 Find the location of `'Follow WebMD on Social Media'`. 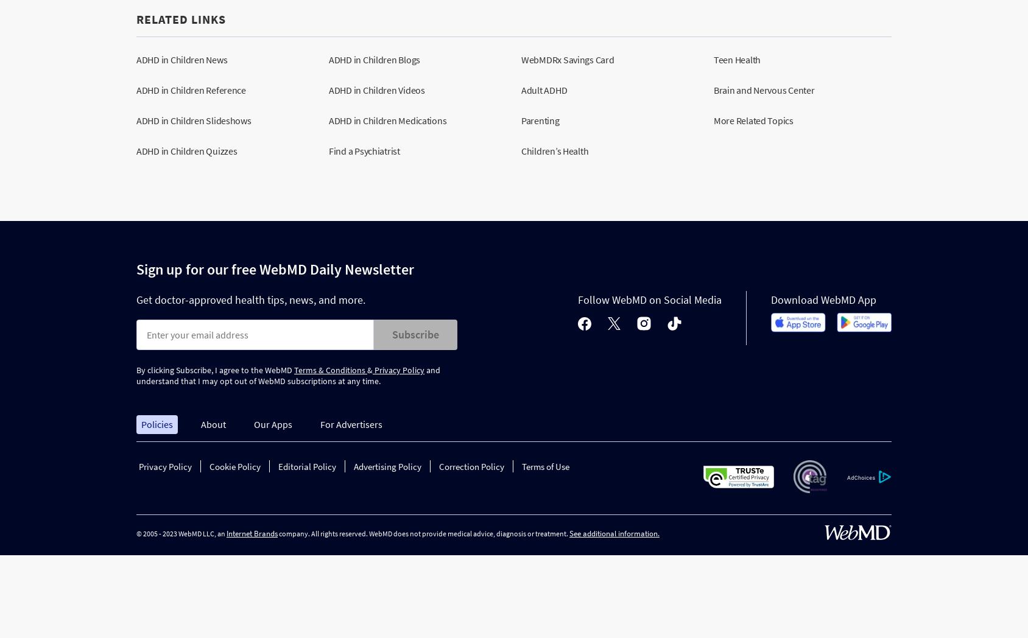

'Follow WebMD on Social Media' is located at coordinates (577, 299).